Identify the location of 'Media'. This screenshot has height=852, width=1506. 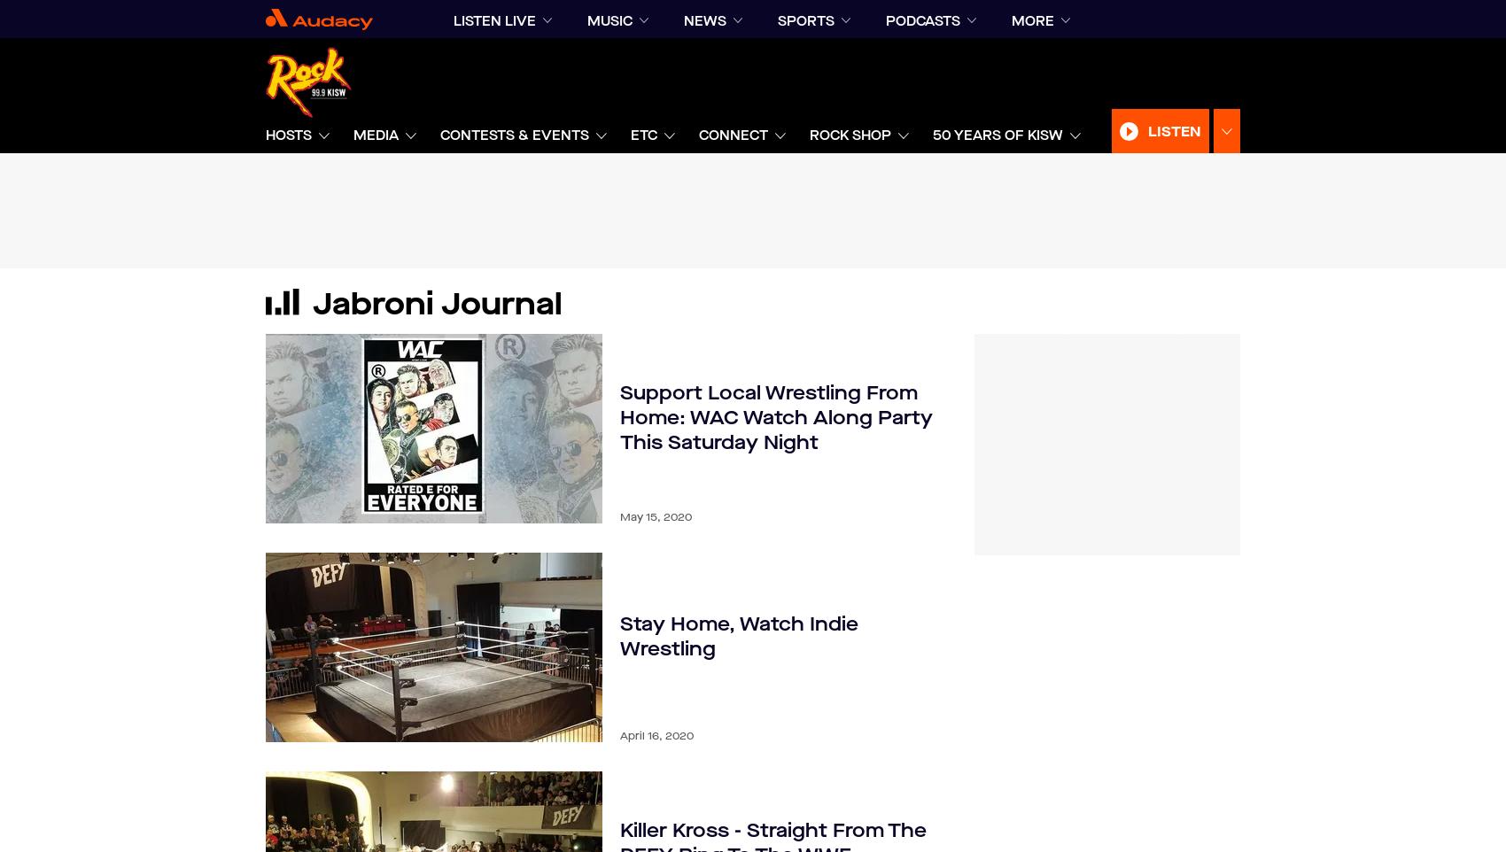
(352, 135).